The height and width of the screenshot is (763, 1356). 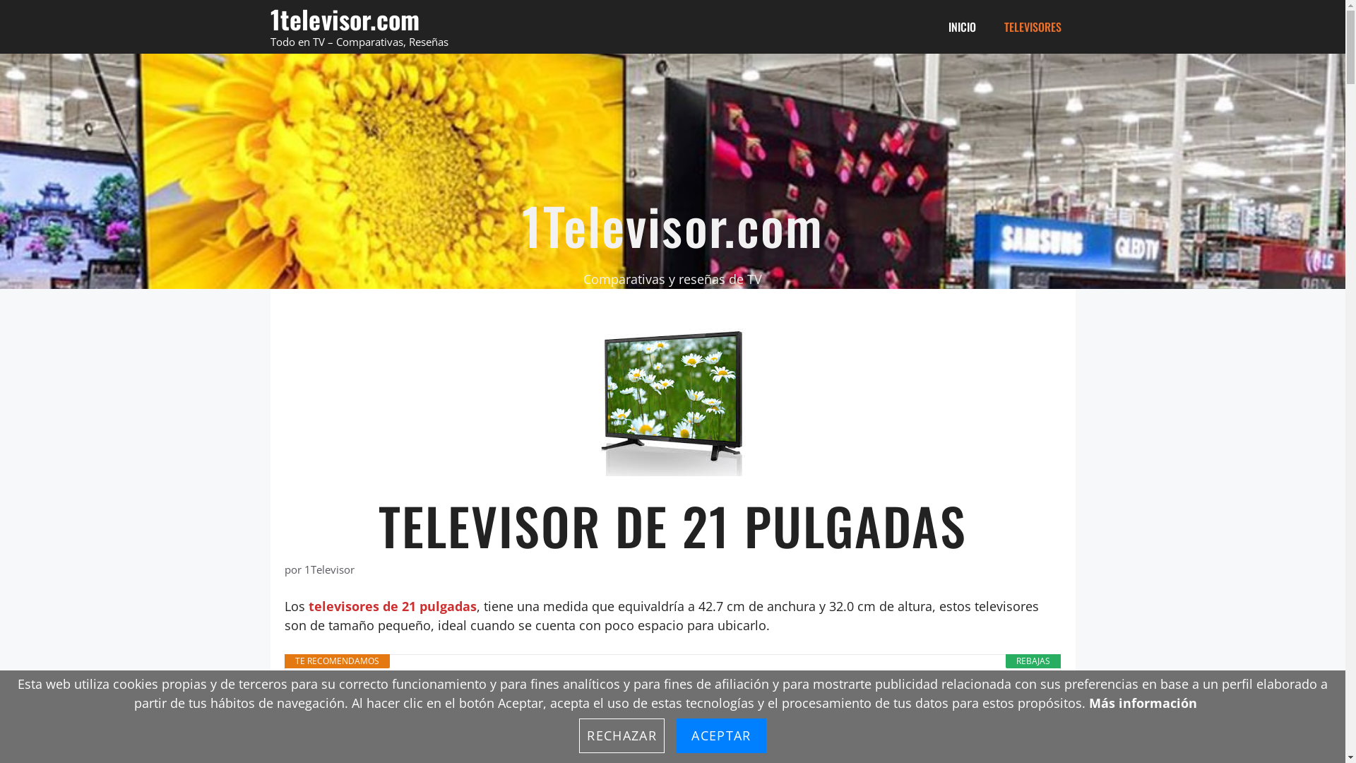 What do you see at coordinates (579, 735) in the screenshot?
I see `'RECHAZAR'` at bounding box center [579, 735].